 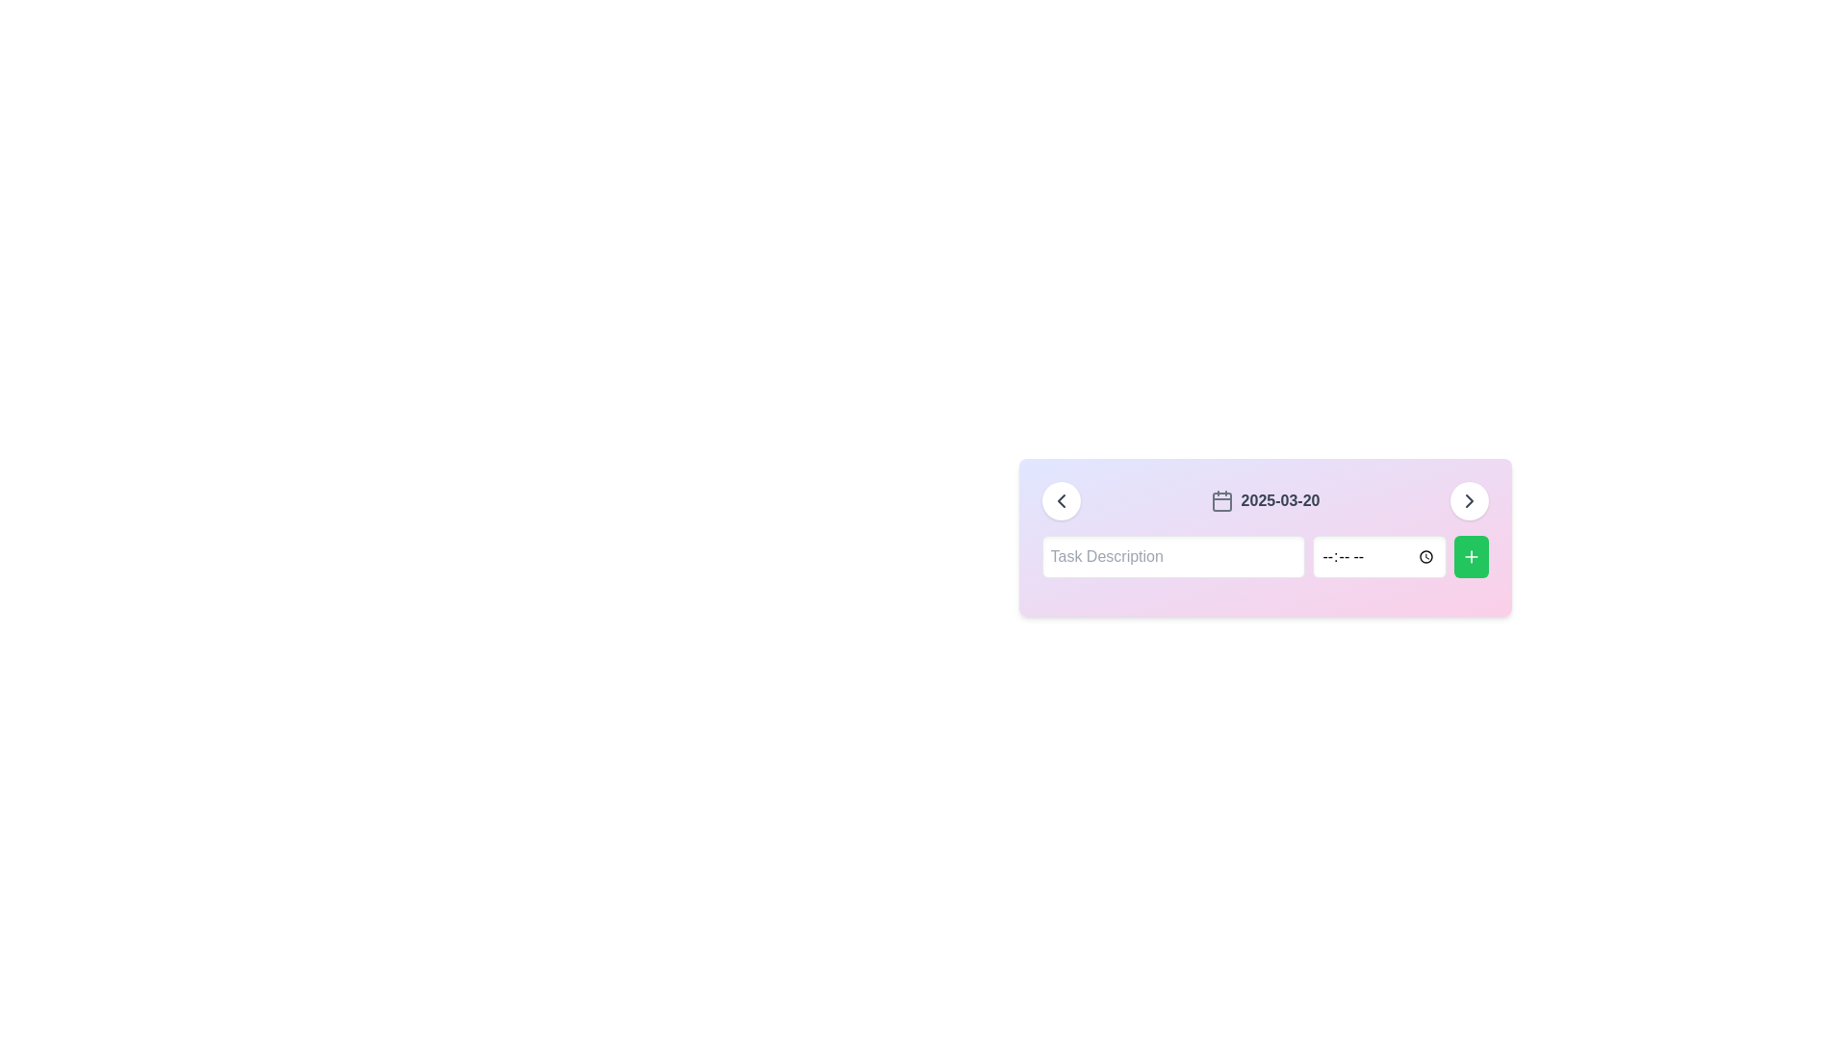 What do you see at coordinates (1468, 499) in the screenshot?
I see `the rightward chevron arrow icon located inside a rounded white button at the bottom-right corner of the interface for accessibility purposes` at bounding box center [1468, 499].